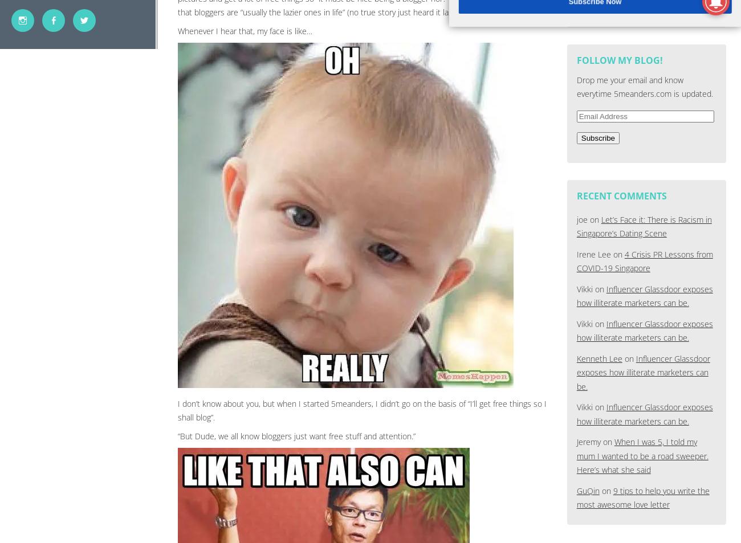  Describe the element at coordinates (581, 218) in the screenshot. I see `'joe'` at that location.